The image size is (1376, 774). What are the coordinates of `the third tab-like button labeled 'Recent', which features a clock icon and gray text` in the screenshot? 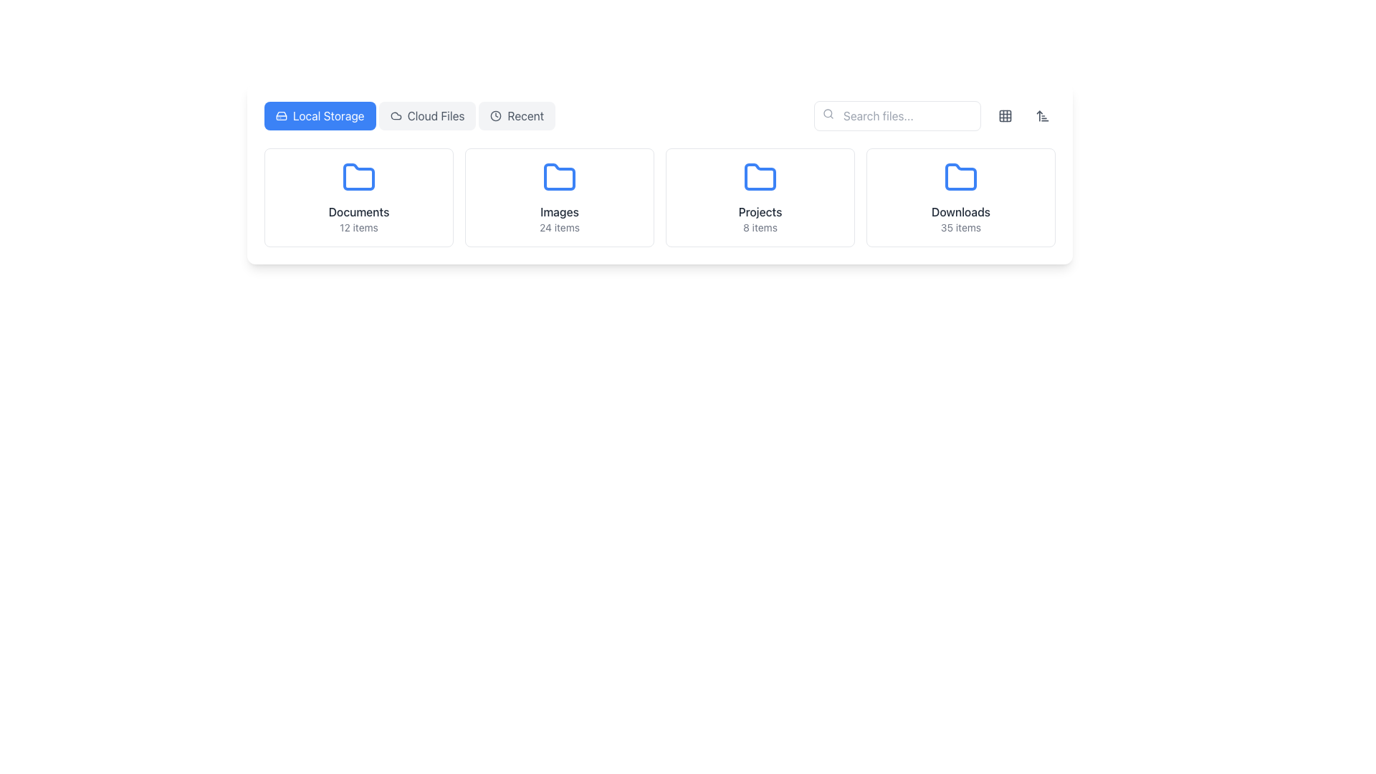 It's located at (516, 115).